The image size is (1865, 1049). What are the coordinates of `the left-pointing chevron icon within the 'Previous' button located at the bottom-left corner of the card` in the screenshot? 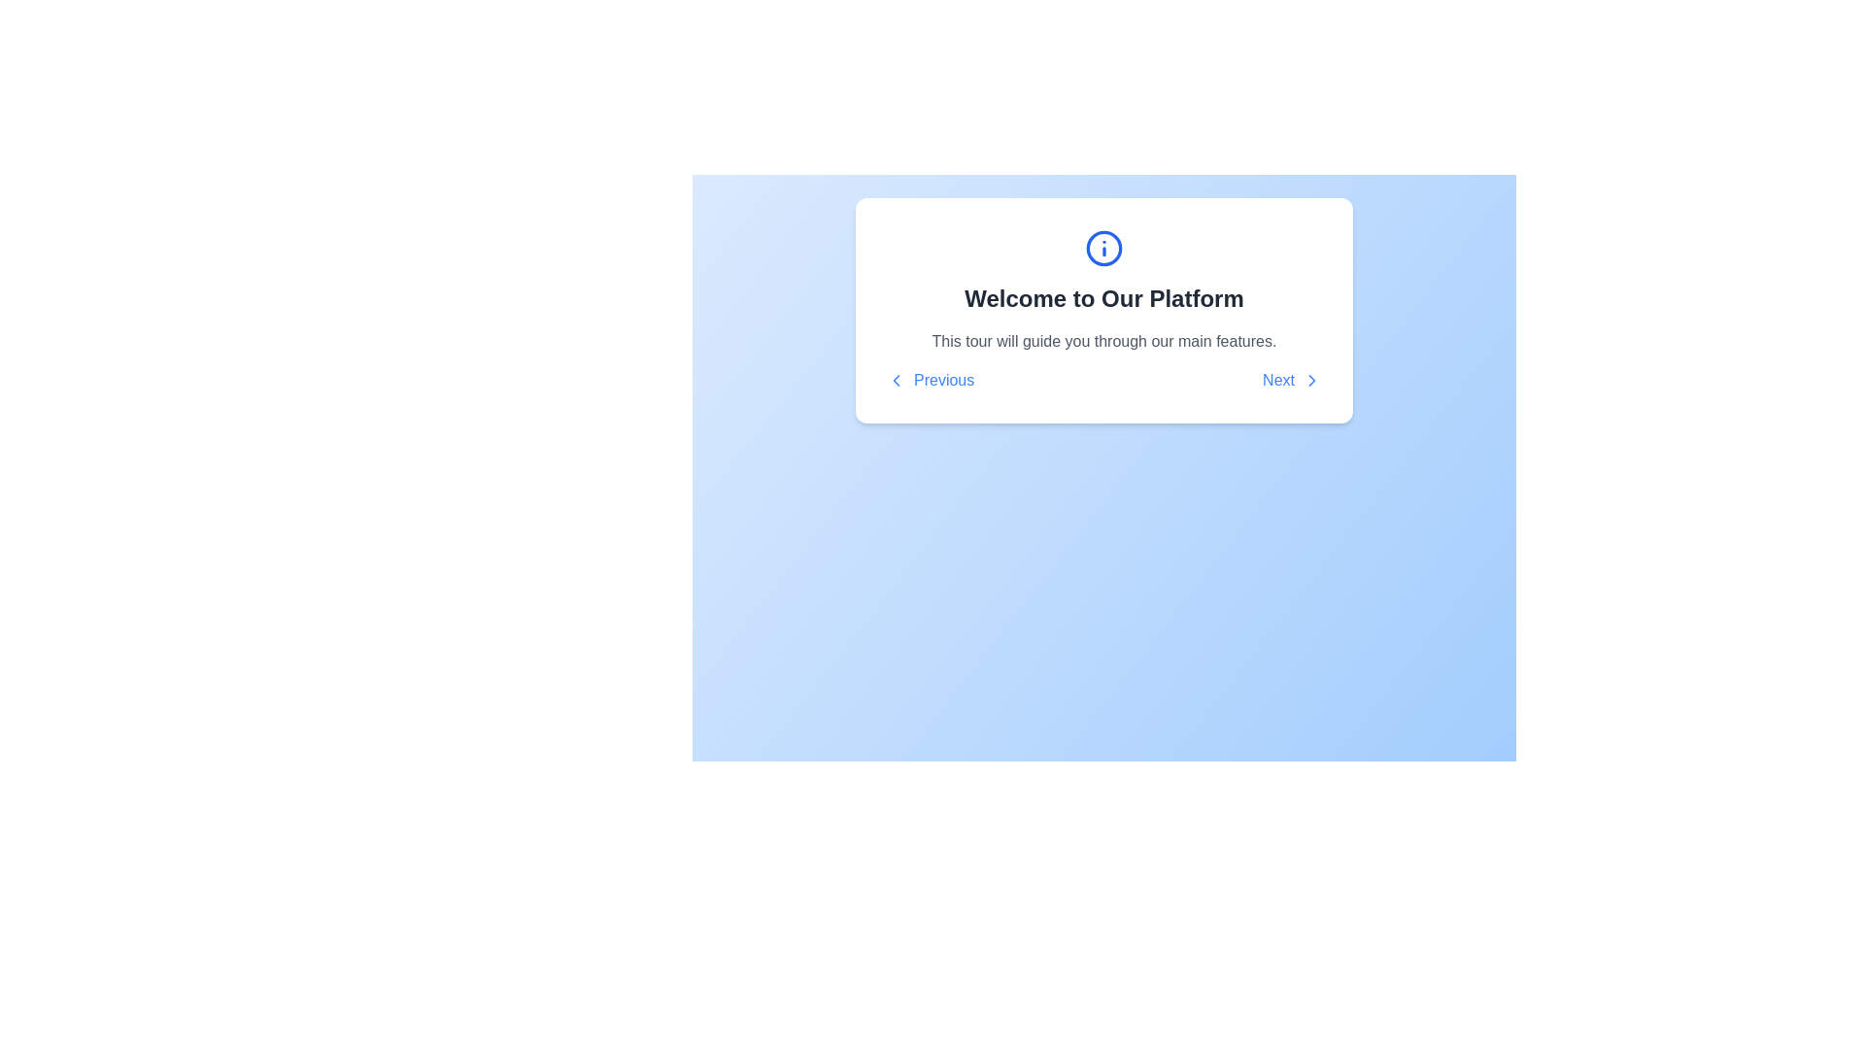 It's located at (895, 381).